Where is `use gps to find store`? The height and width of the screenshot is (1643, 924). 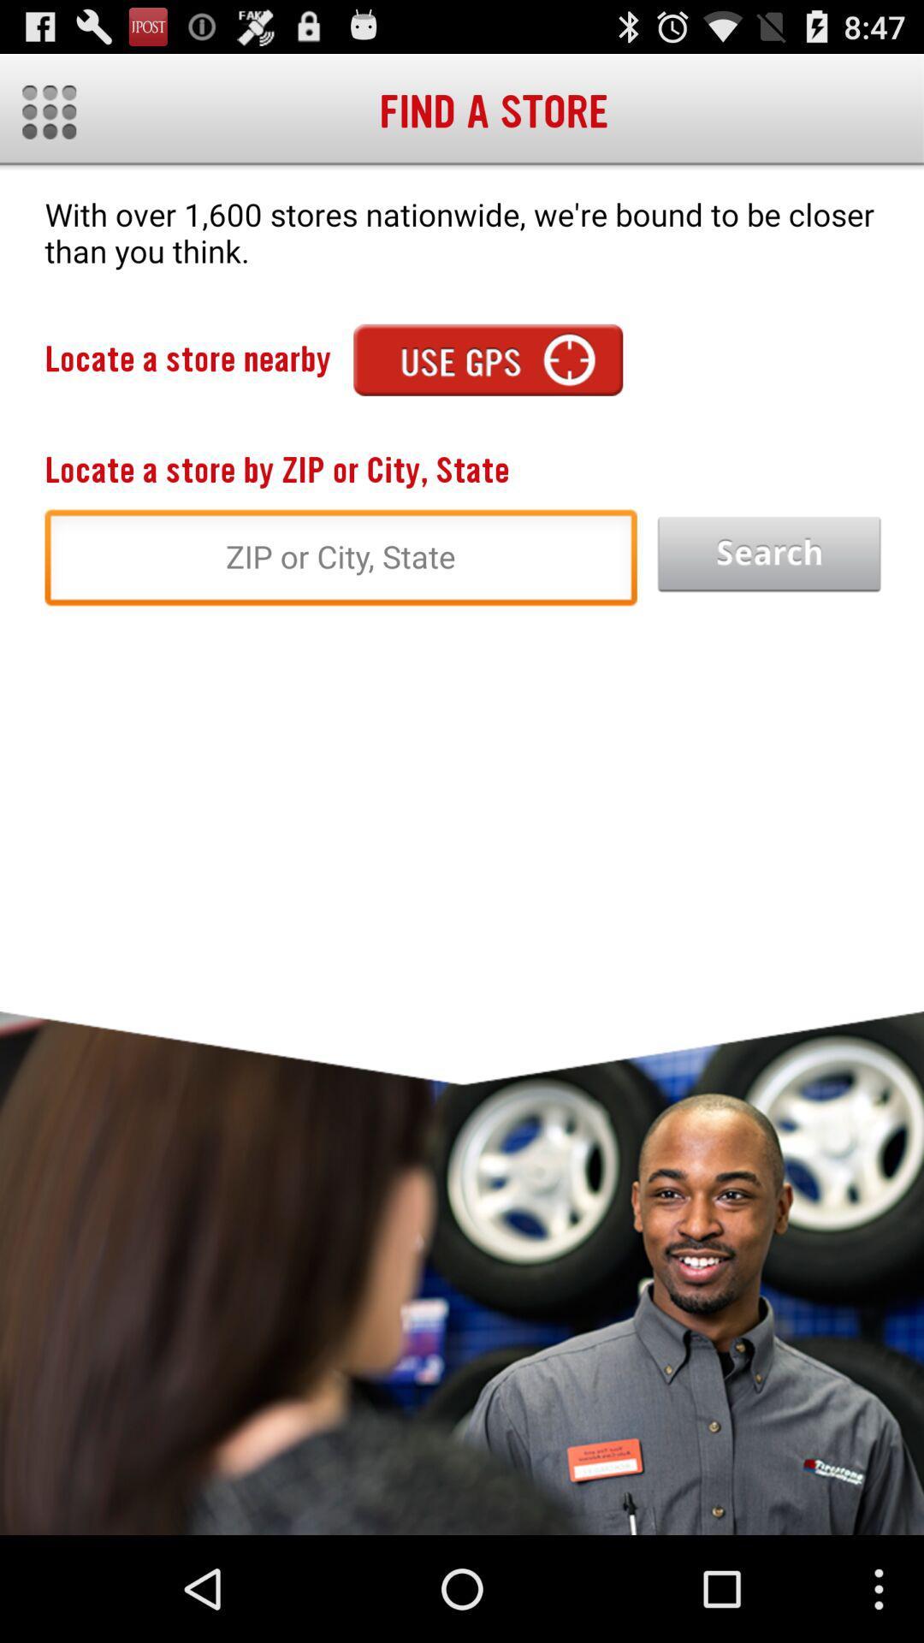 use gps to find store is located at coordinates (488, 359).